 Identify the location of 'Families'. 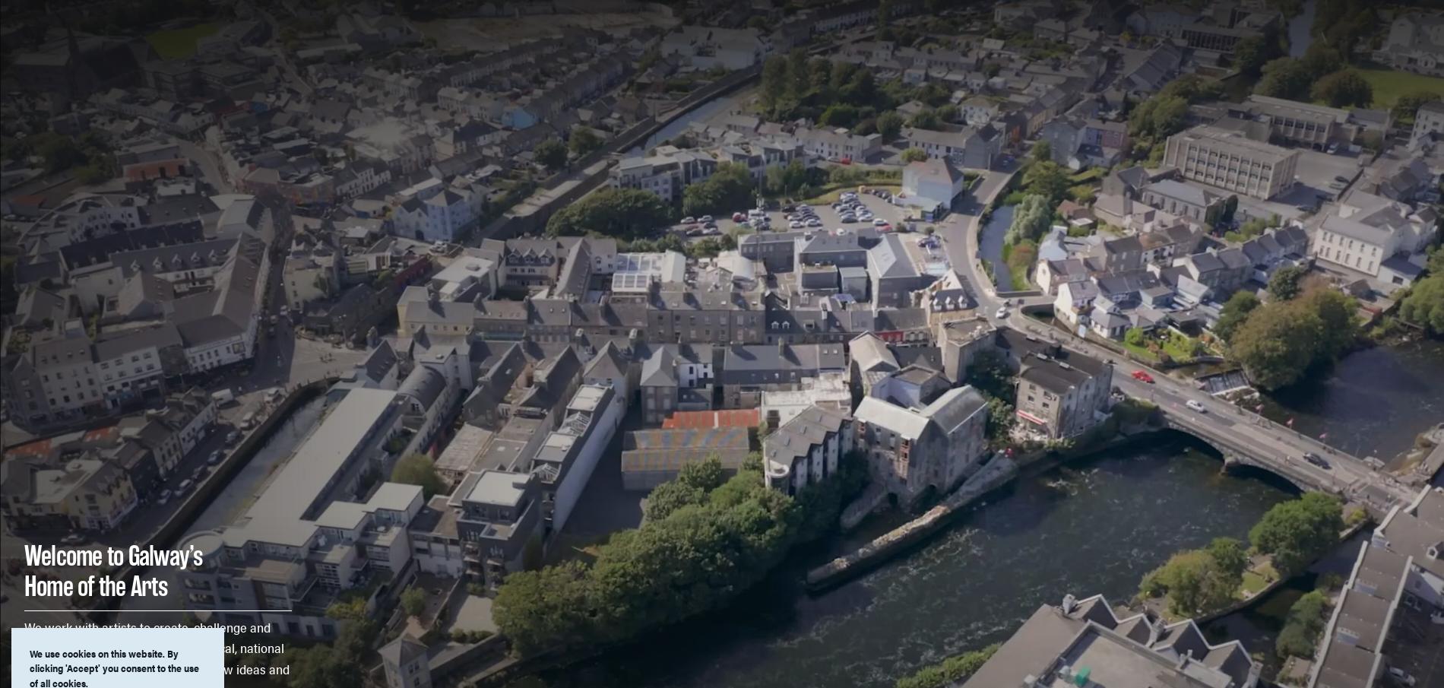
(889, 43).